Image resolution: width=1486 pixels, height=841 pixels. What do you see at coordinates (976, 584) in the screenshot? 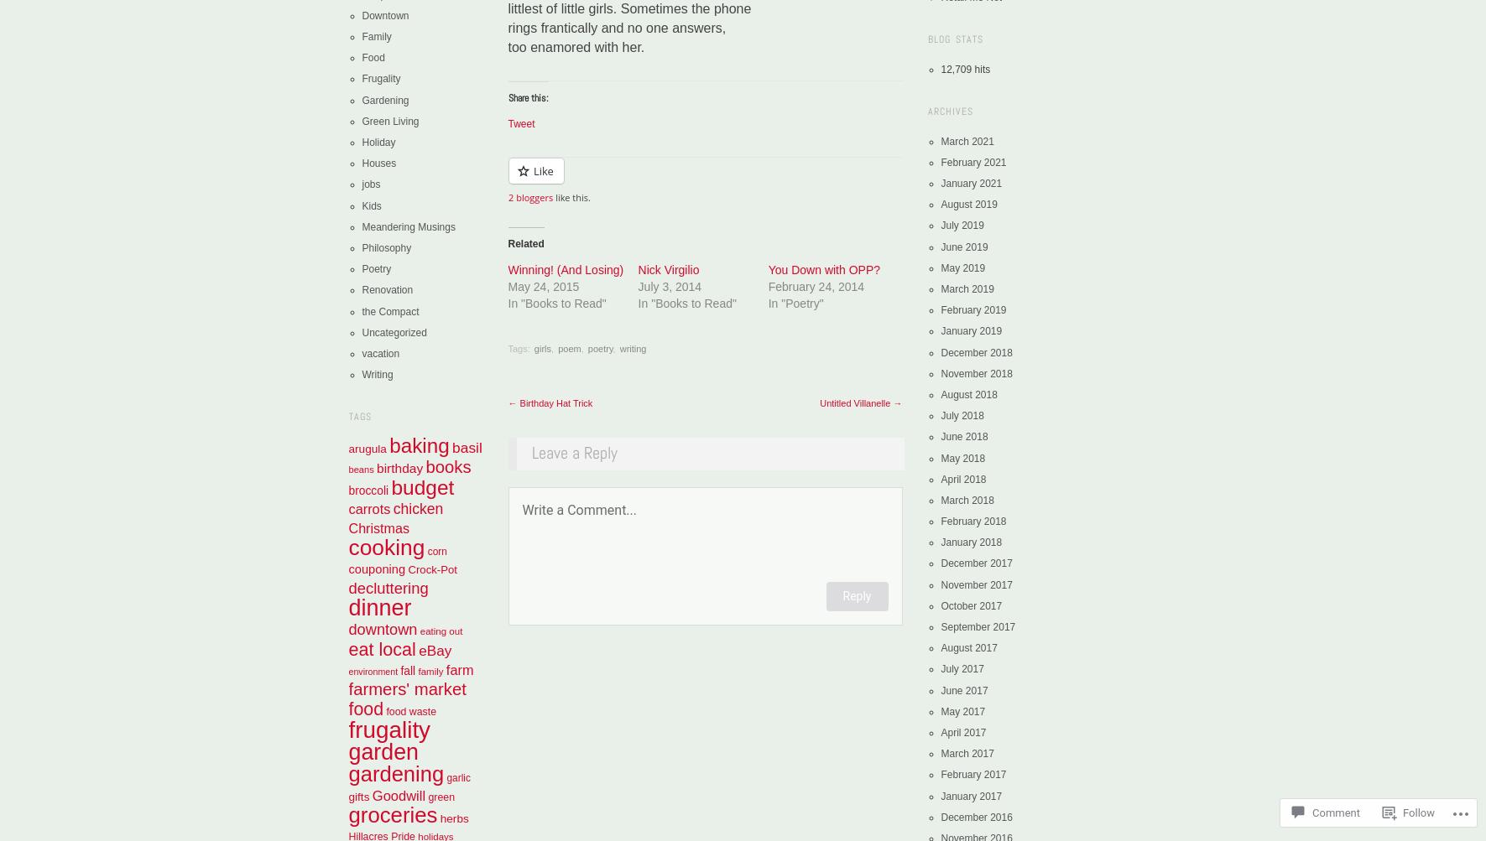
I see `'November 2017'` at bounding box center [976, 584].